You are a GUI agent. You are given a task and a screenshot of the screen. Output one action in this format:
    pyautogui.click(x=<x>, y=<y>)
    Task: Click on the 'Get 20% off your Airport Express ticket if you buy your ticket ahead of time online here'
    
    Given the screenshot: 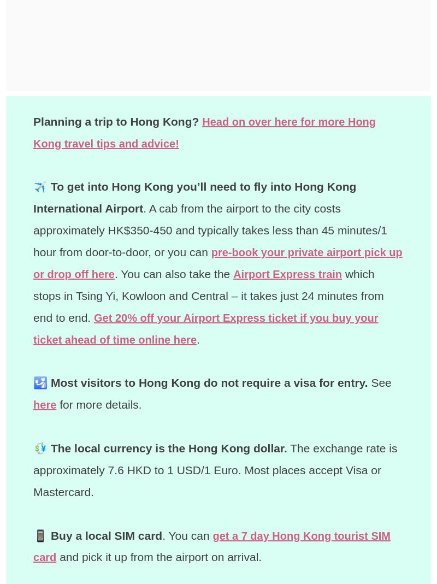 What is the action you would take?
    pyautogui.click(x=212, y=328)
    